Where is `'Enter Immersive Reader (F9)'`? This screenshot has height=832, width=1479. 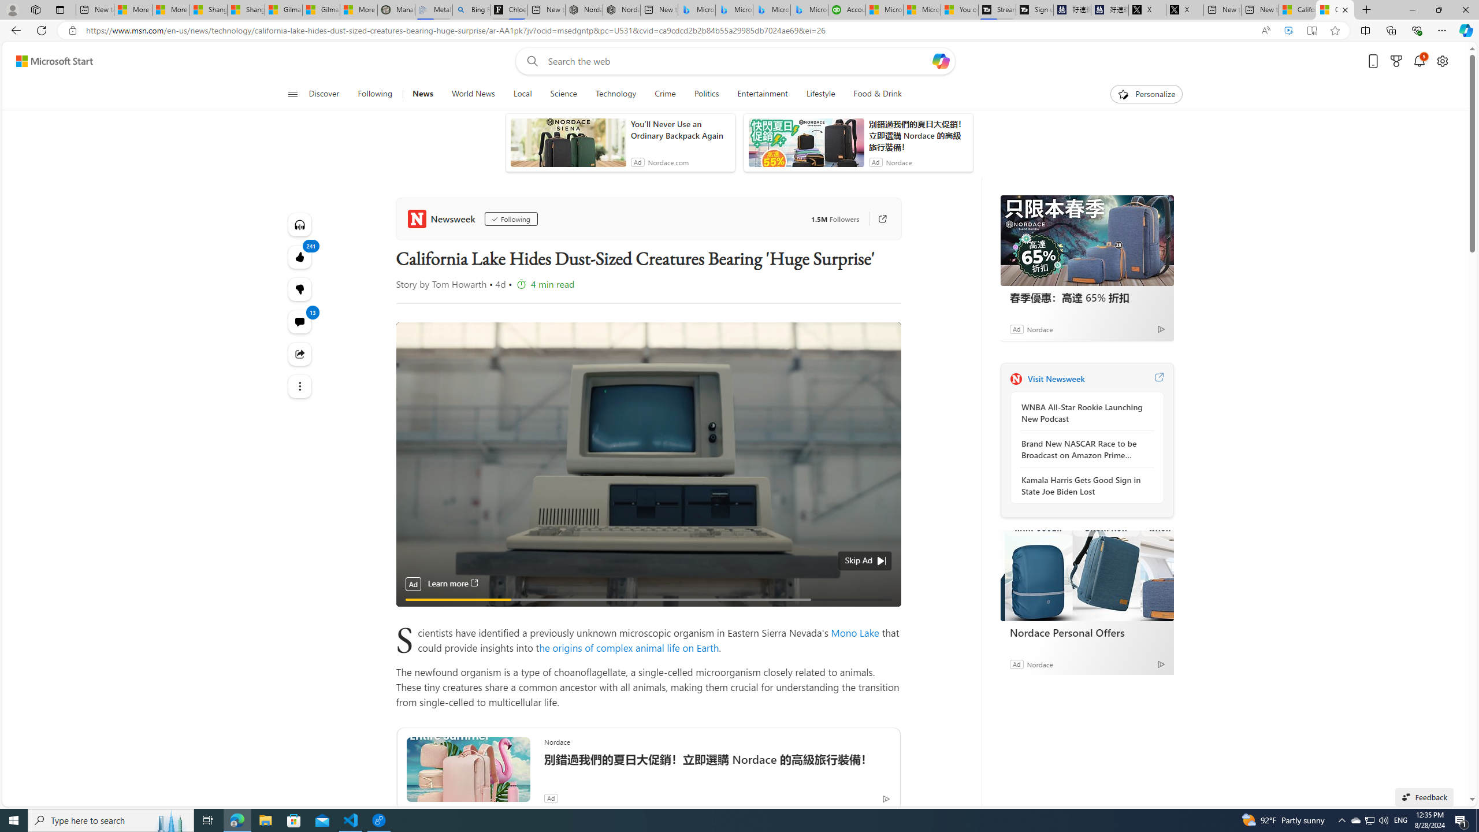 'Enter Immersive Reader (F9)' is located at coordinates (1311, 31).